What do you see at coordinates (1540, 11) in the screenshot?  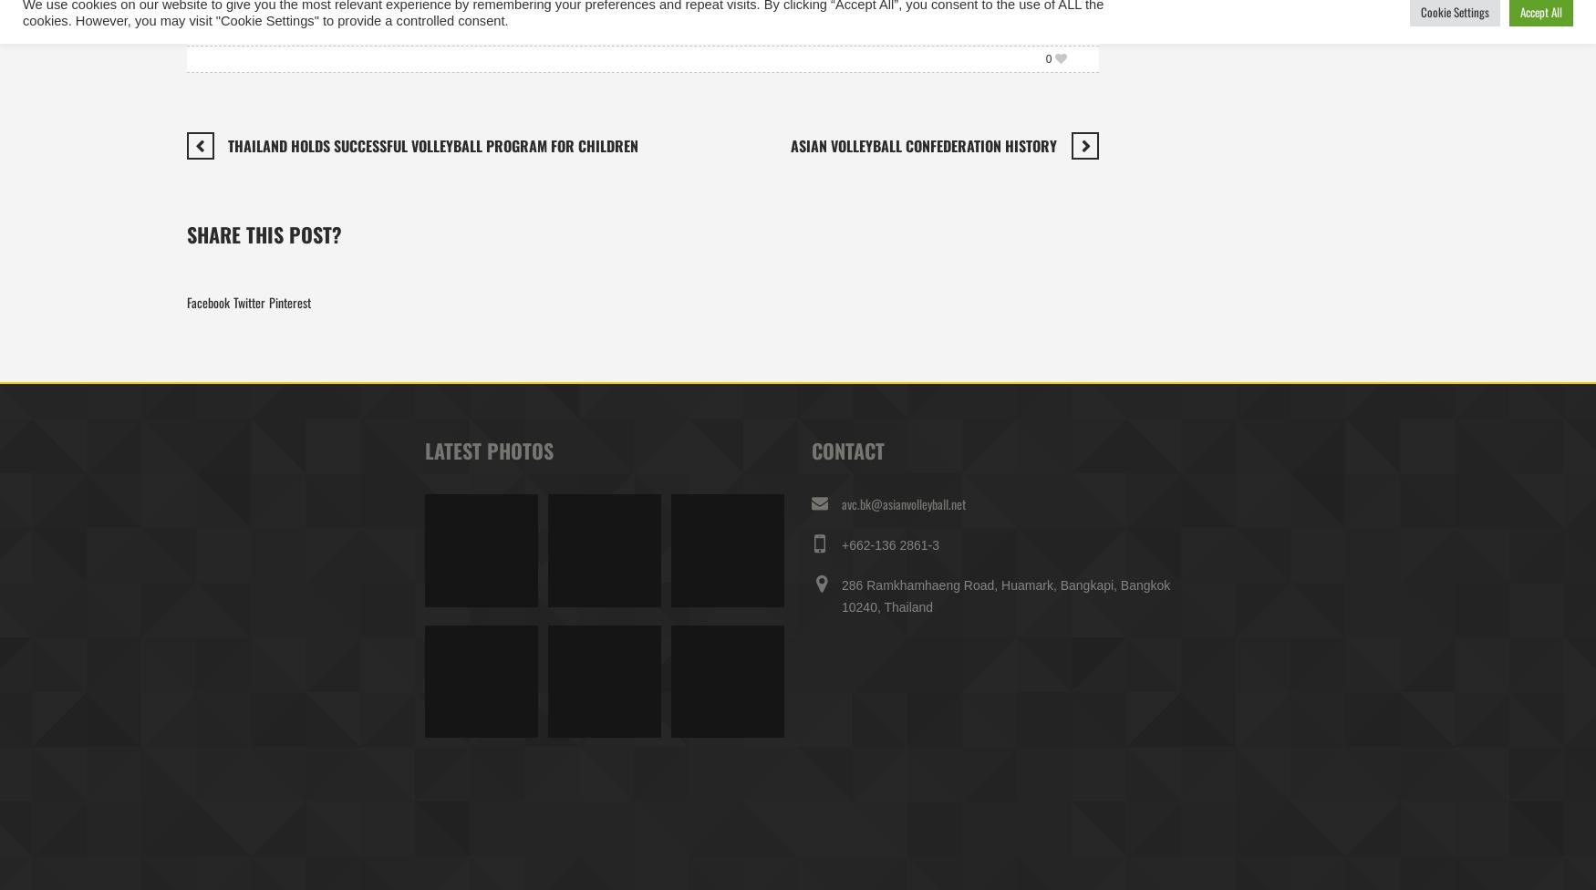 I see `'Accept All'` at bounding box center [1540, 11].